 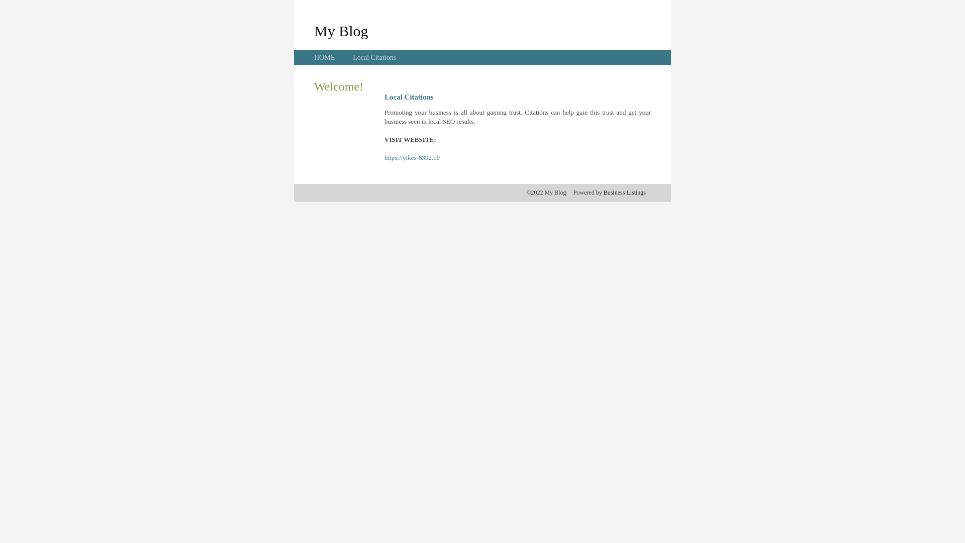 What do you see at coordinates (383, 157) in the screenshot?
I see `'https://yikes-8392.cf/'` at bounding box center [383, 157].